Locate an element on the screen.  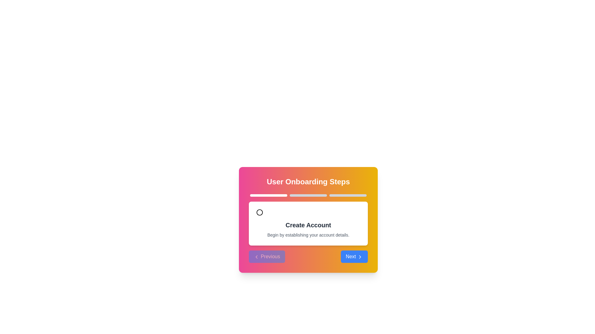
the third progress indicator bar, which is a thin rectangular bar with rounded ends, colored light gray, located near the top-right of the modal dialog under the 'User Onboarding Steps' heading is located at coordinates (348, 195).